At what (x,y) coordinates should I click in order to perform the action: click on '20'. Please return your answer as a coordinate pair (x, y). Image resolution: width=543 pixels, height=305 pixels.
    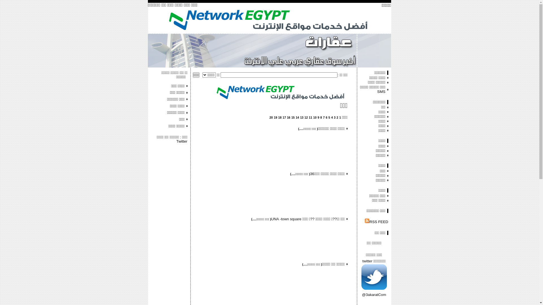
    Looking at the image, I should click on (269, 117).